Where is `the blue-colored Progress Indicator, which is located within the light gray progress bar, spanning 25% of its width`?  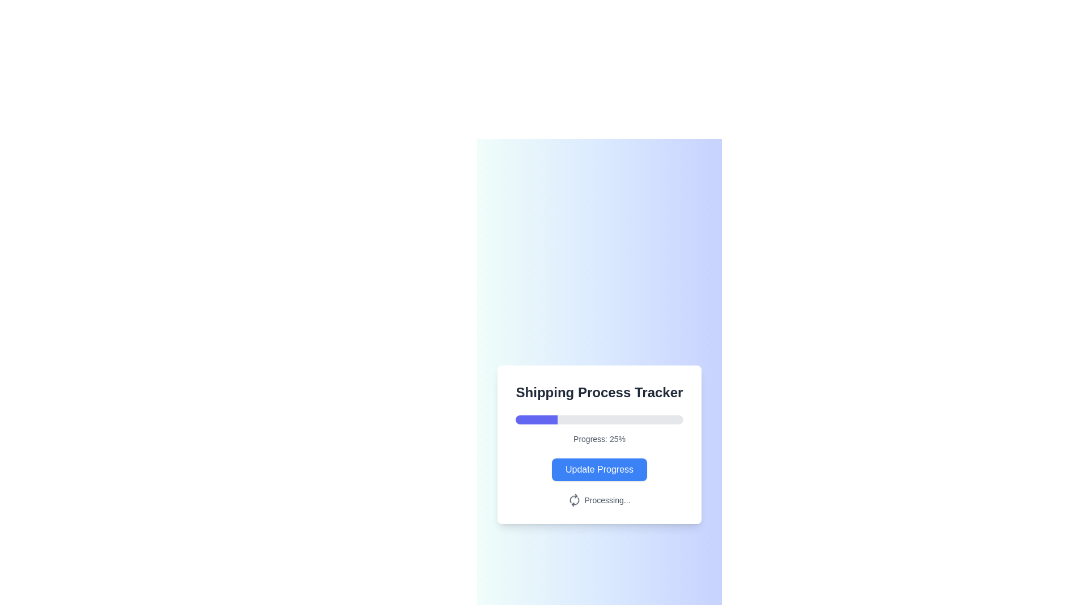
the blue-colored Progress Indicator, which is located within the light gray progress bar, spanning 25% of its width is located at coordinates (535, 419).